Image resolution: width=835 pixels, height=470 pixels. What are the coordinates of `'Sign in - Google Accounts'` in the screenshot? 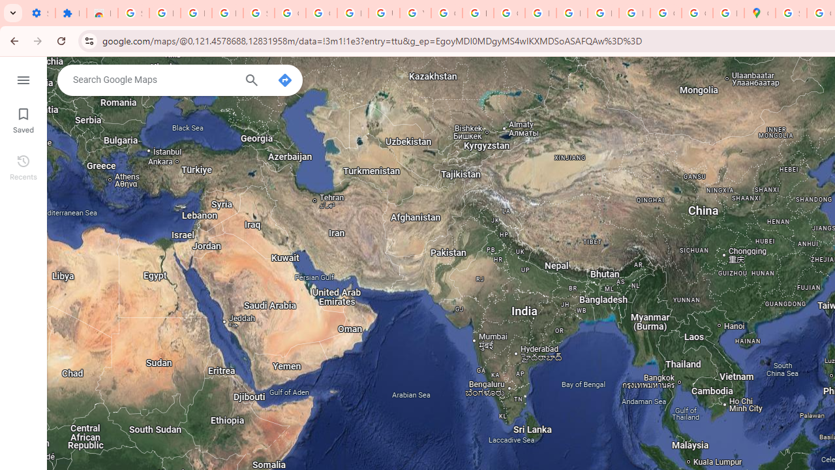 It's located at (258, 13).